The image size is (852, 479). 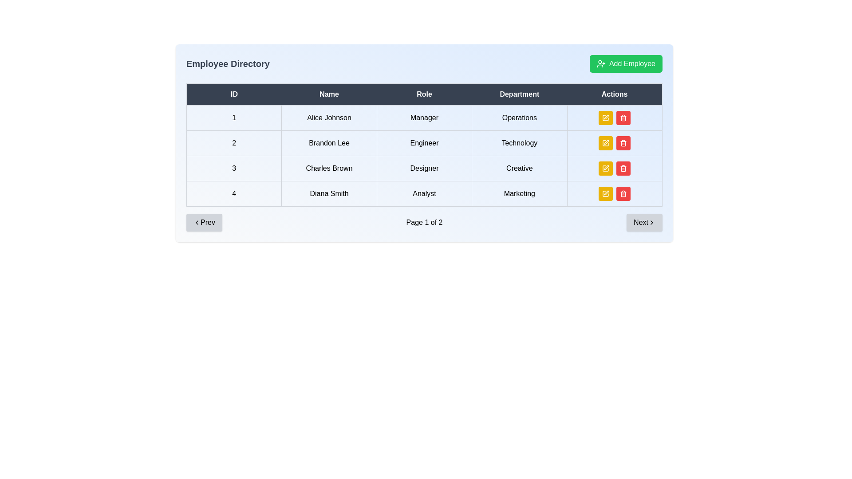 I want to click on the yellow icon button in the 'Actions' column for the first entry (Alice Johnson), so click(x=605, y=118).